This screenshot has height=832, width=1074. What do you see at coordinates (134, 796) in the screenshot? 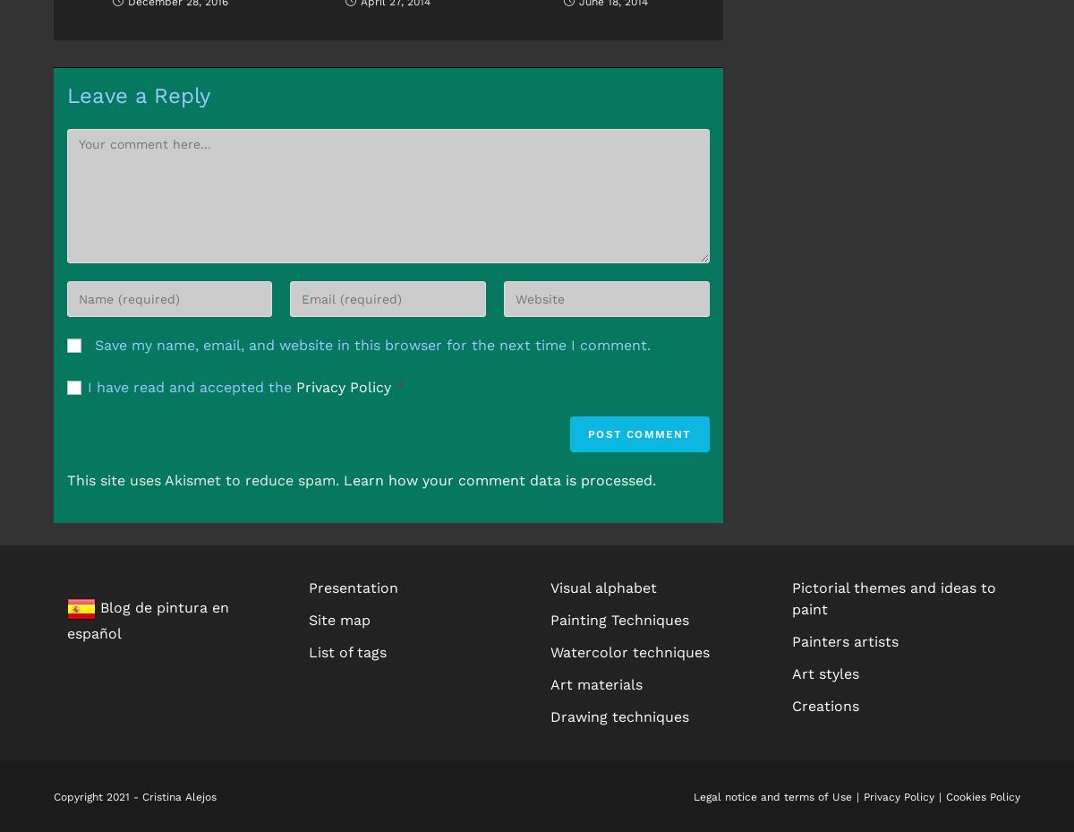
I see `'Copyright 2021 - Cristina Alejos'` at bounding box center [134, 796].